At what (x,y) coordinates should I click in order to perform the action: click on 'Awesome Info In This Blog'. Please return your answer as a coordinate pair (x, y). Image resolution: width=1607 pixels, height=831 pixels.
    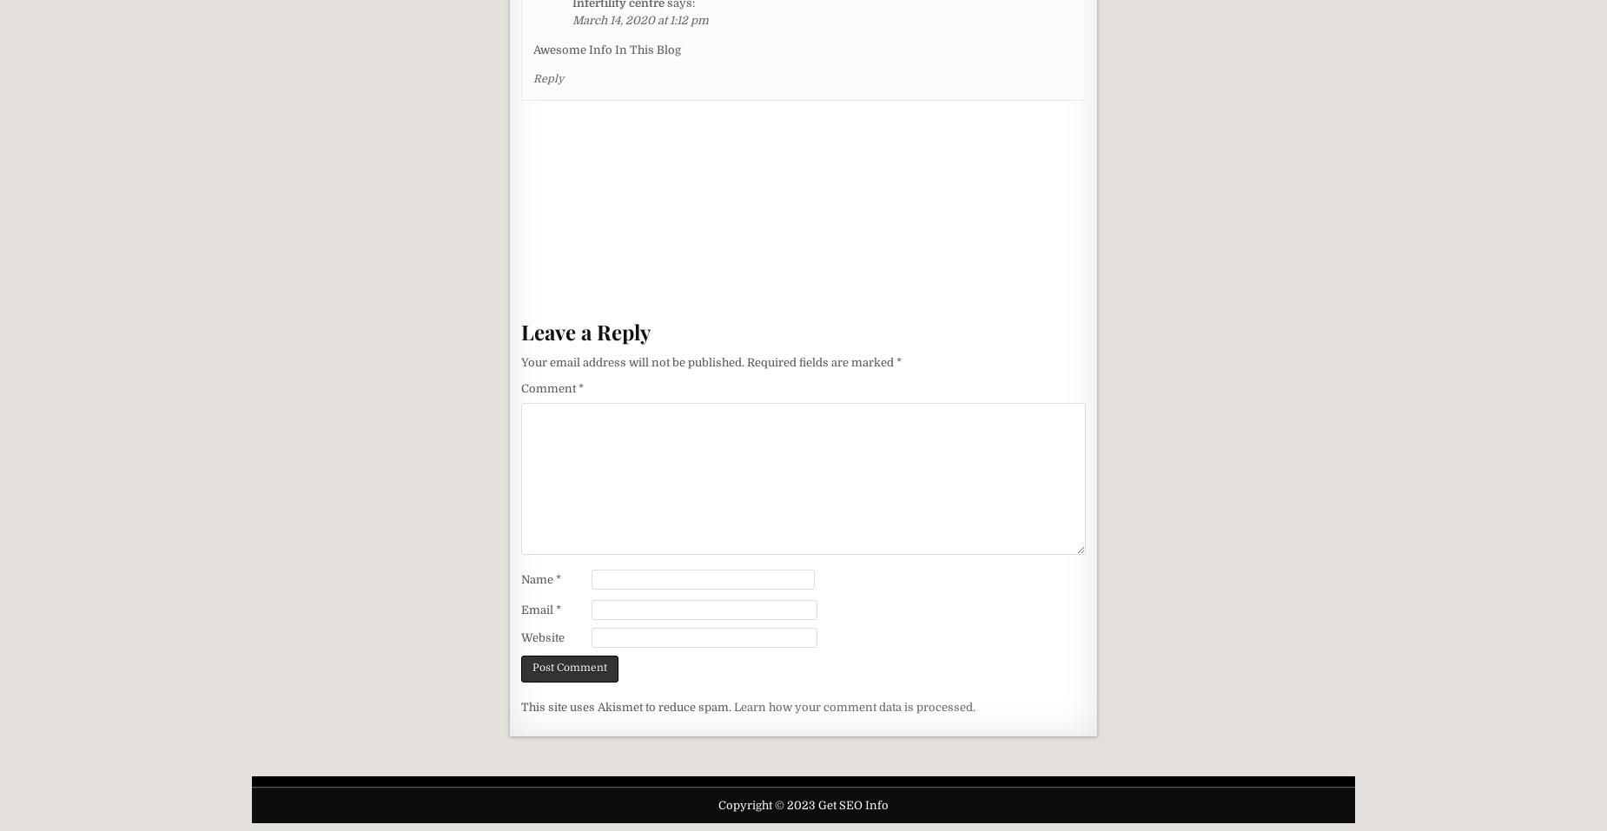
    Looking at the image, I should click on (533, 49).